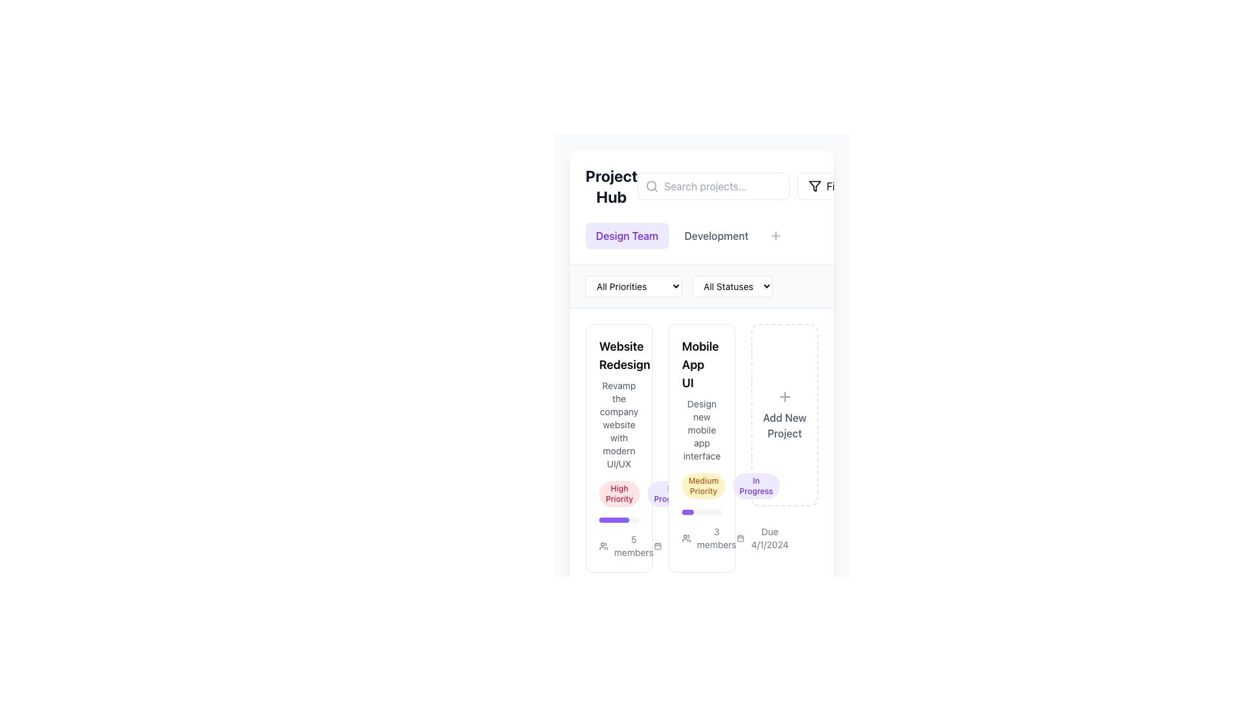  What do you see at coordinates (716, 538) in the screenshot?
I see `the Text Label displaying '3 members', located in the lower section of the 'Mobile App UI' card, near a people icon` at bounding box center [716, 538].